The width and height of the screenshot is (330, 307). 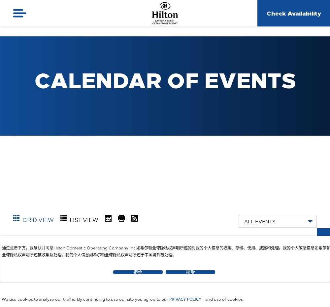 What do you see at coordinates (61, 283) in the screenshot?
I see `'August'` at bounding box center [61, 283].